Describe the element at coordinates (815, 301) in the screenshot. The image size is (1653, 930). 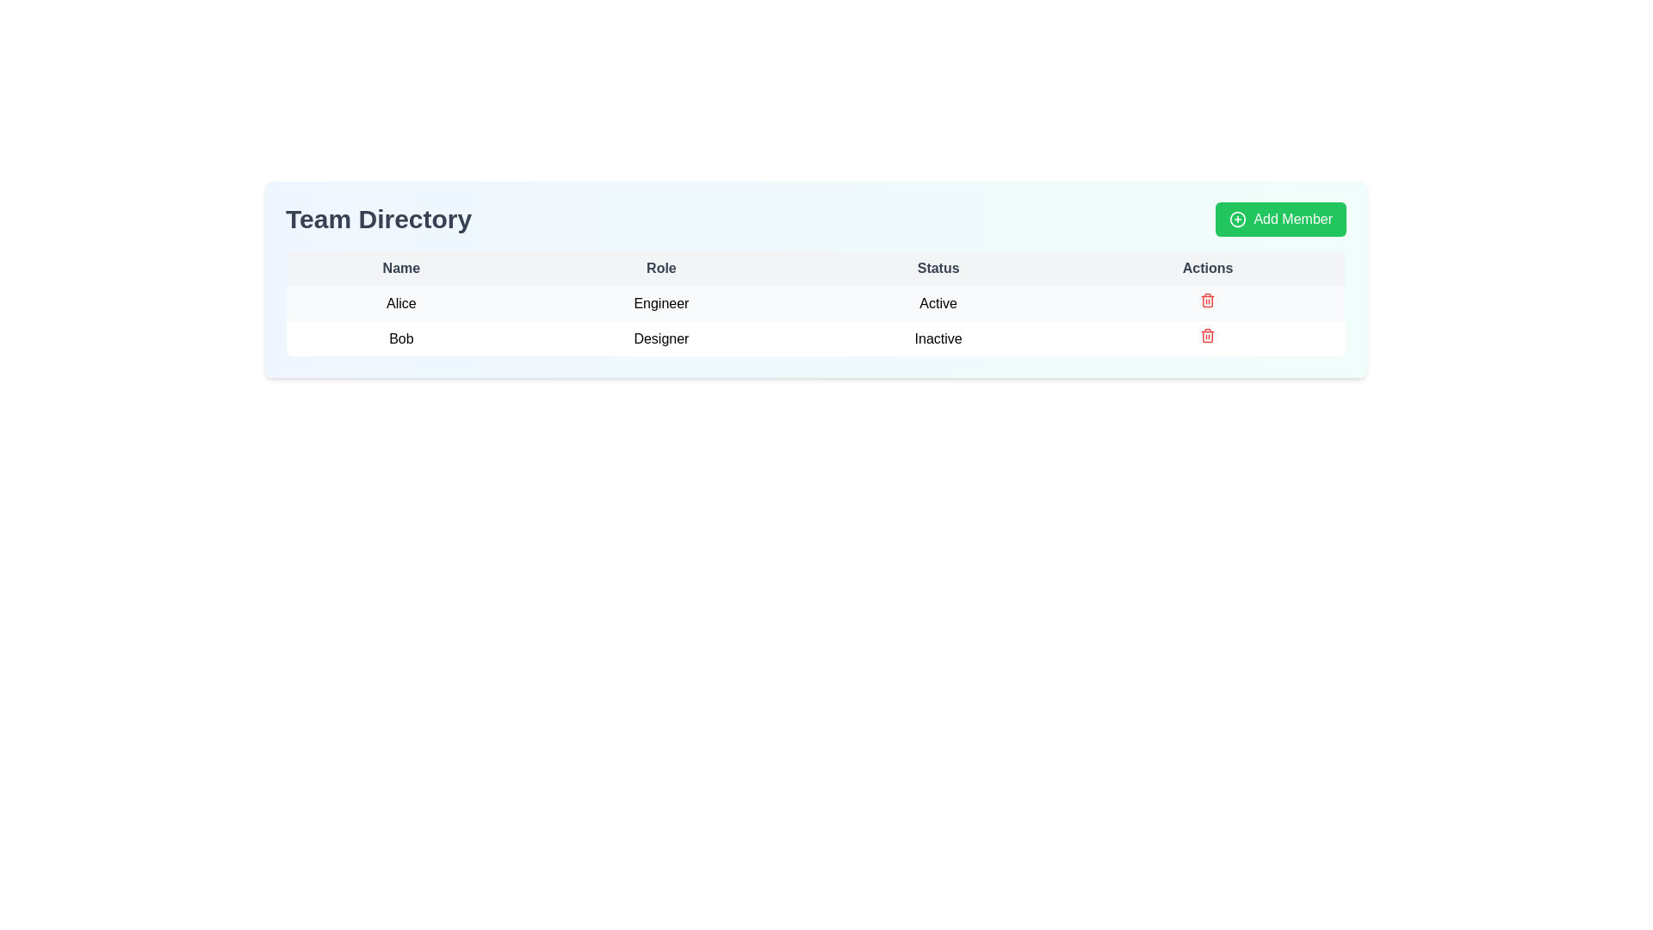
I see `keyboard navigation` at that location.